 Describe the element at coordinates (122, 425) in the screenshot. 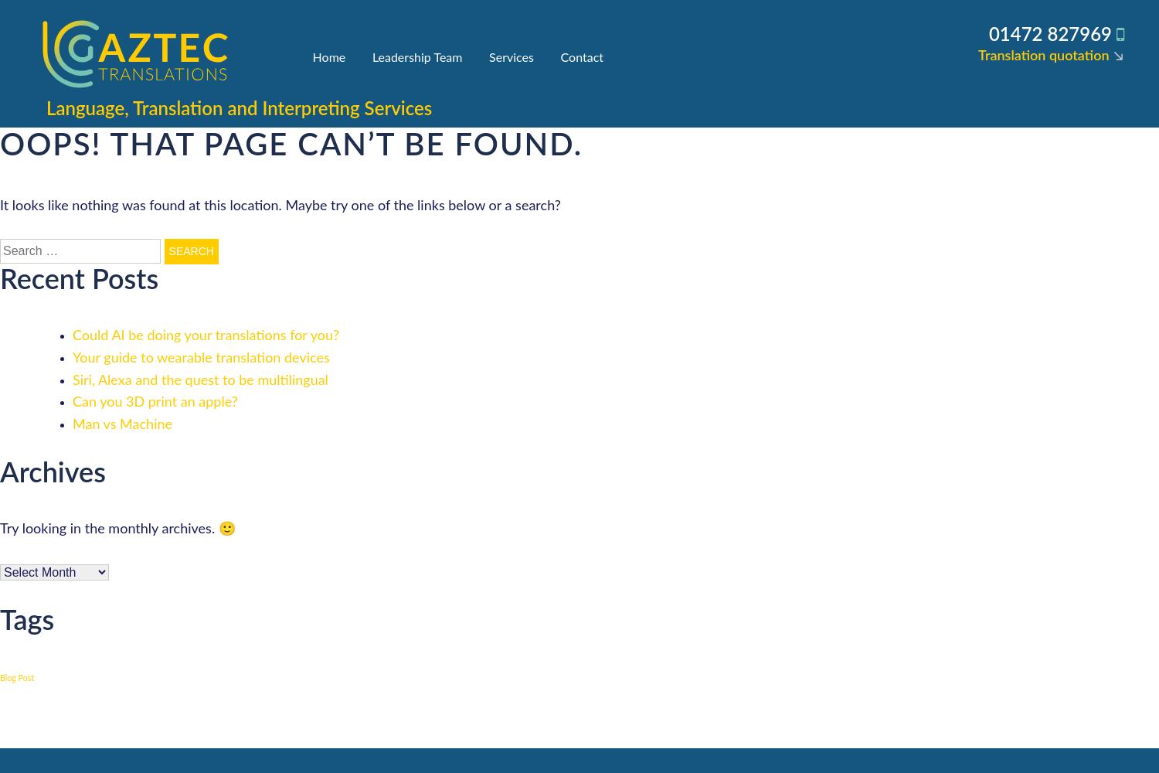

I see `'Man vs Machine'` at that location.